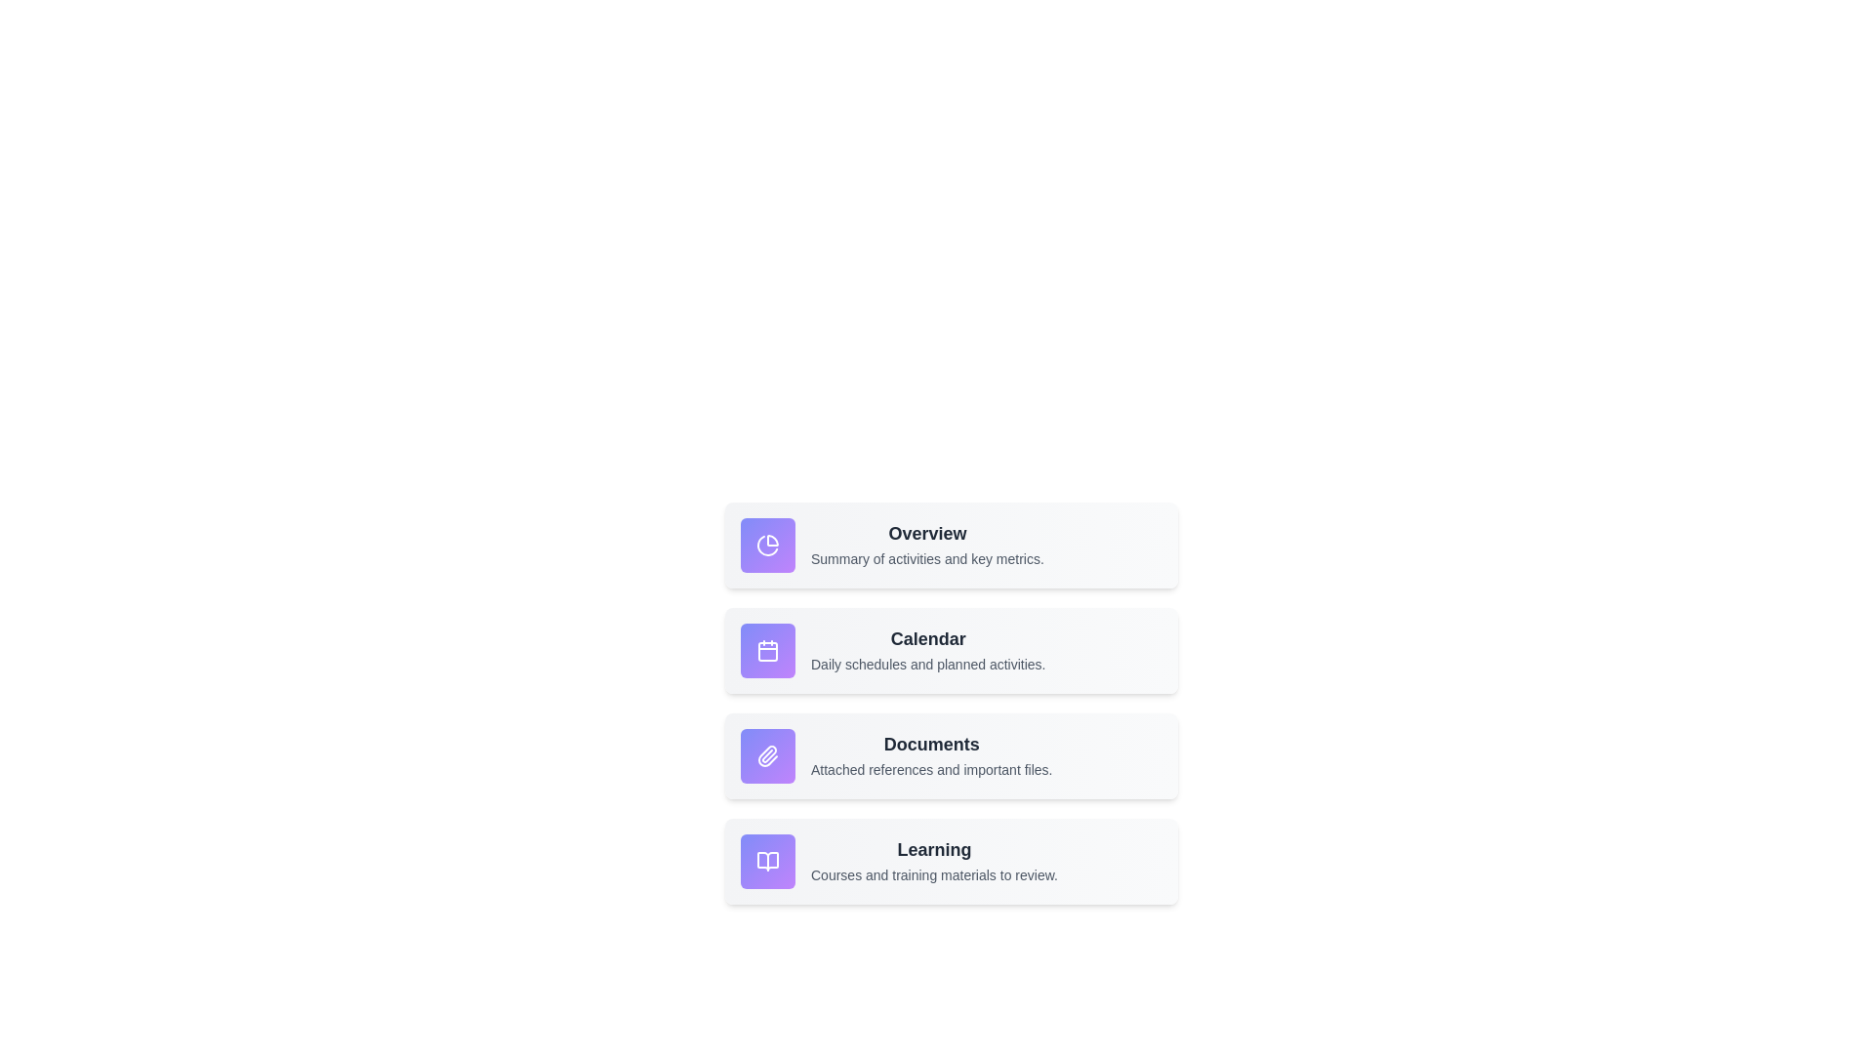  Describe the element at coordinates (767, 755) in the screenshot. I see `the functionality of the icon corresponding to Documents` at that location.